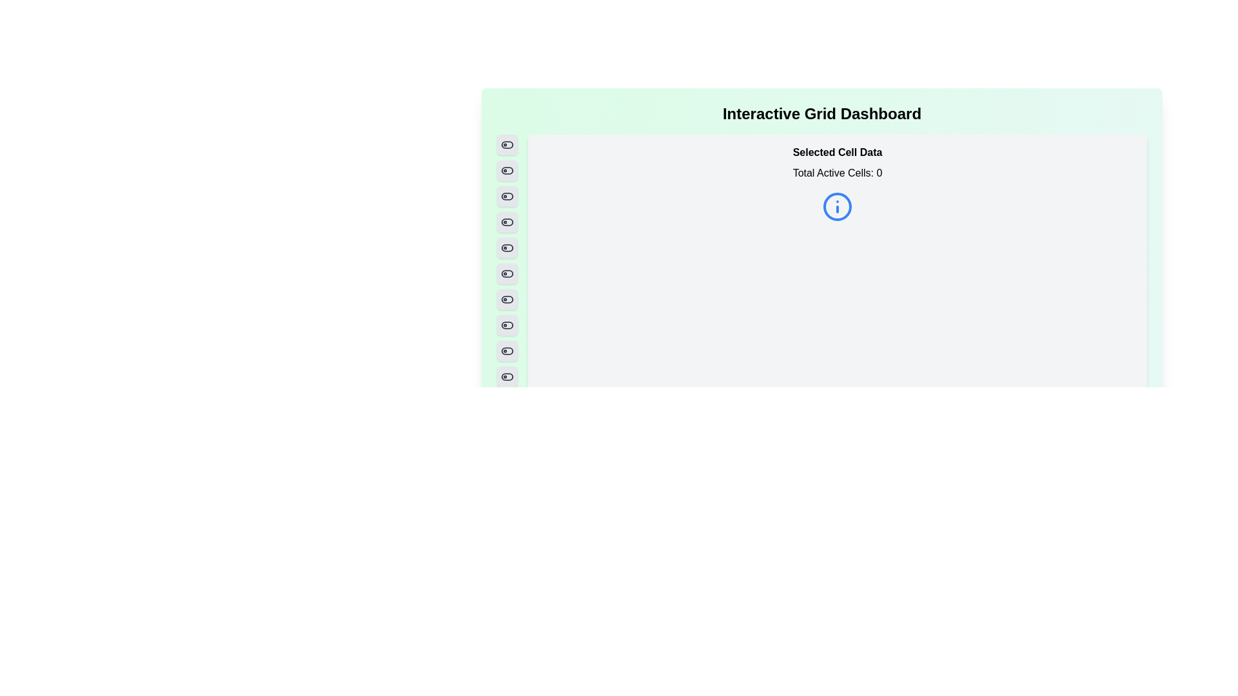 The height and width of the screenshot is (696, 1238). Describe the element at coordinates (838, 206) in the screenshot. I see `the info icon to display additional information` at that location.